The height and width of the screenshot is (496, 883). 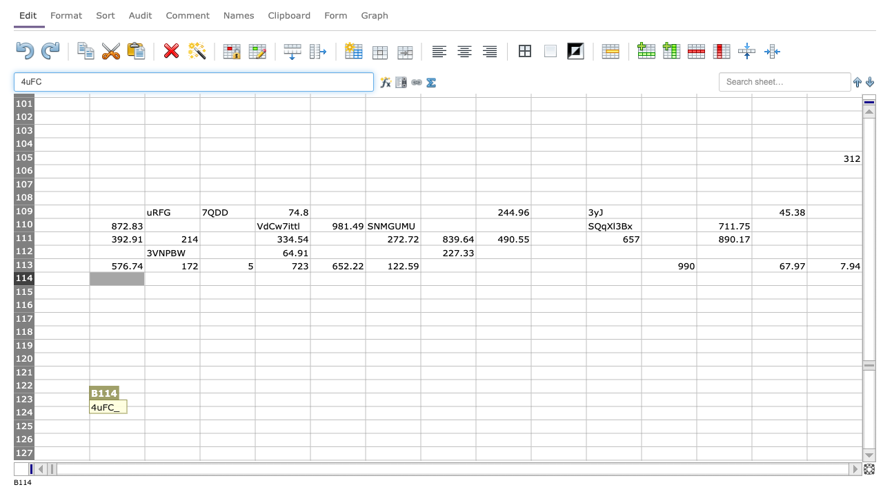 I want to click on Activate cell C124, so click(x=171, y=412).